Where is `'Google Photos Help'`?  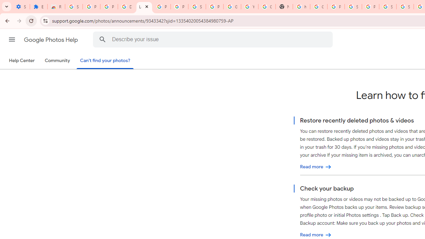 'Google Photos Help' is located at coordinates (51, 40).